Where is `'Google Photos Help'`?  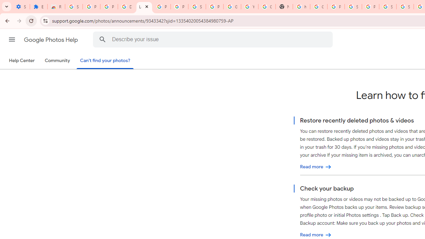 'Google Photos Help' is located at coordinates (51, 40).